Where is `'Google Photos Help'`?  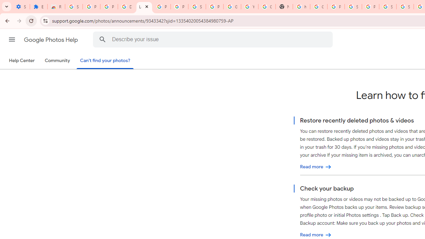 'Google Photos Help' is located at coordinates (51, 40).